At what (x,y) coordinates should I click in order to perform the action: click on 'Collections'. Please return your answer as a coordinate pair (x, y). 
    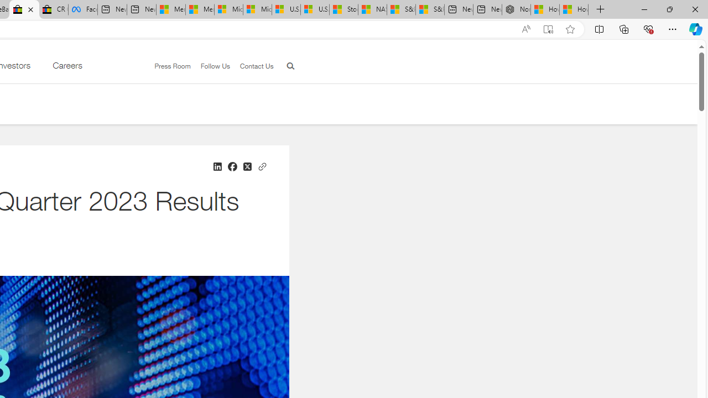
    Looking at the image, I should click on (624, 28).